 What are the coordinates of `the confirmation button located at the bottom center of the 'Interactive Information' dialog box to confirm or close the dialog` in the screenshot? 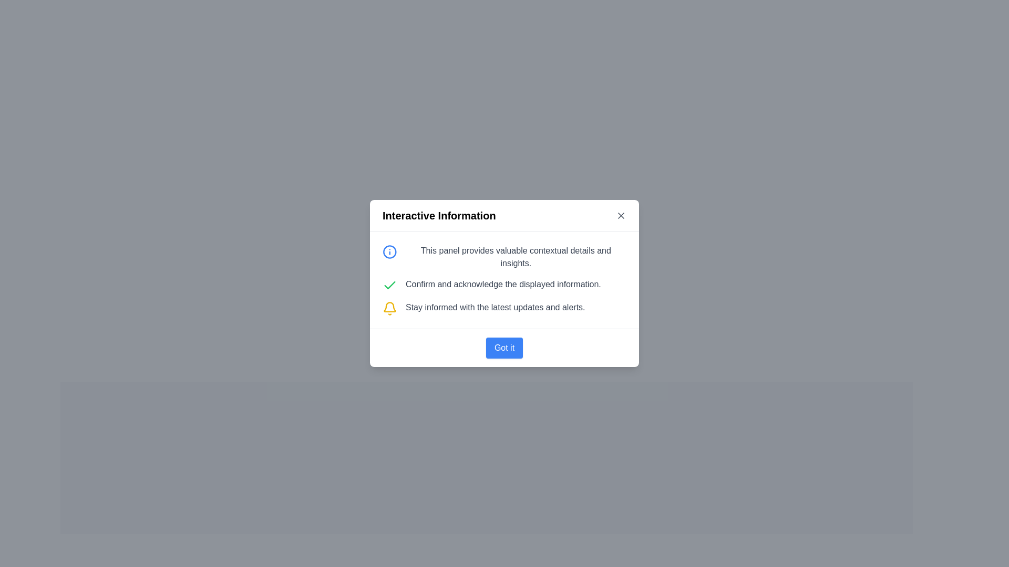 It's located at (504, 348).